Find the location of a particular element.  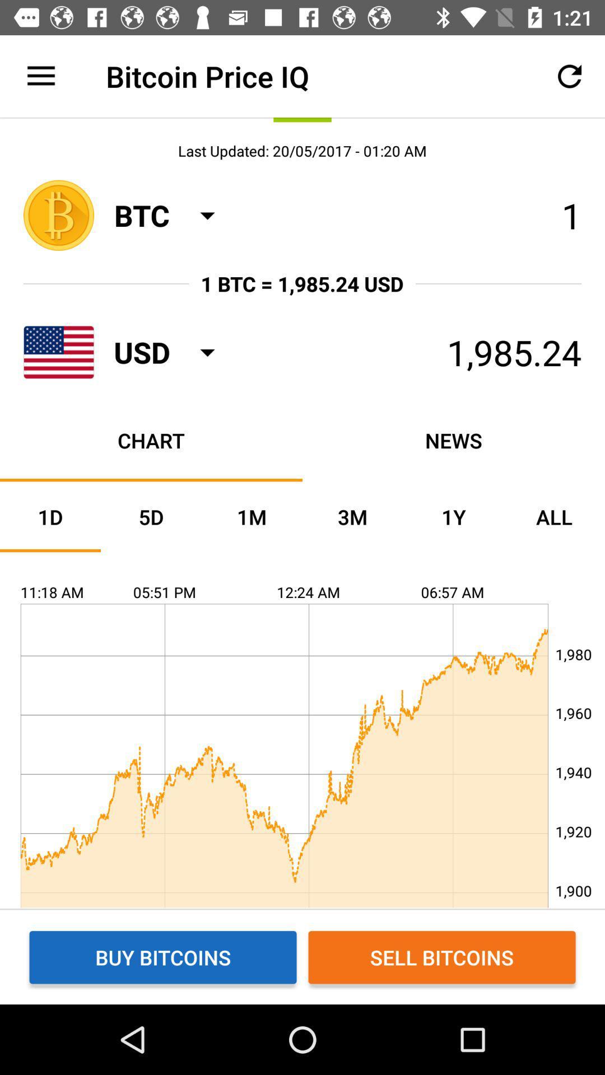

the sell bitcoins is located at coordinates (441, 956).